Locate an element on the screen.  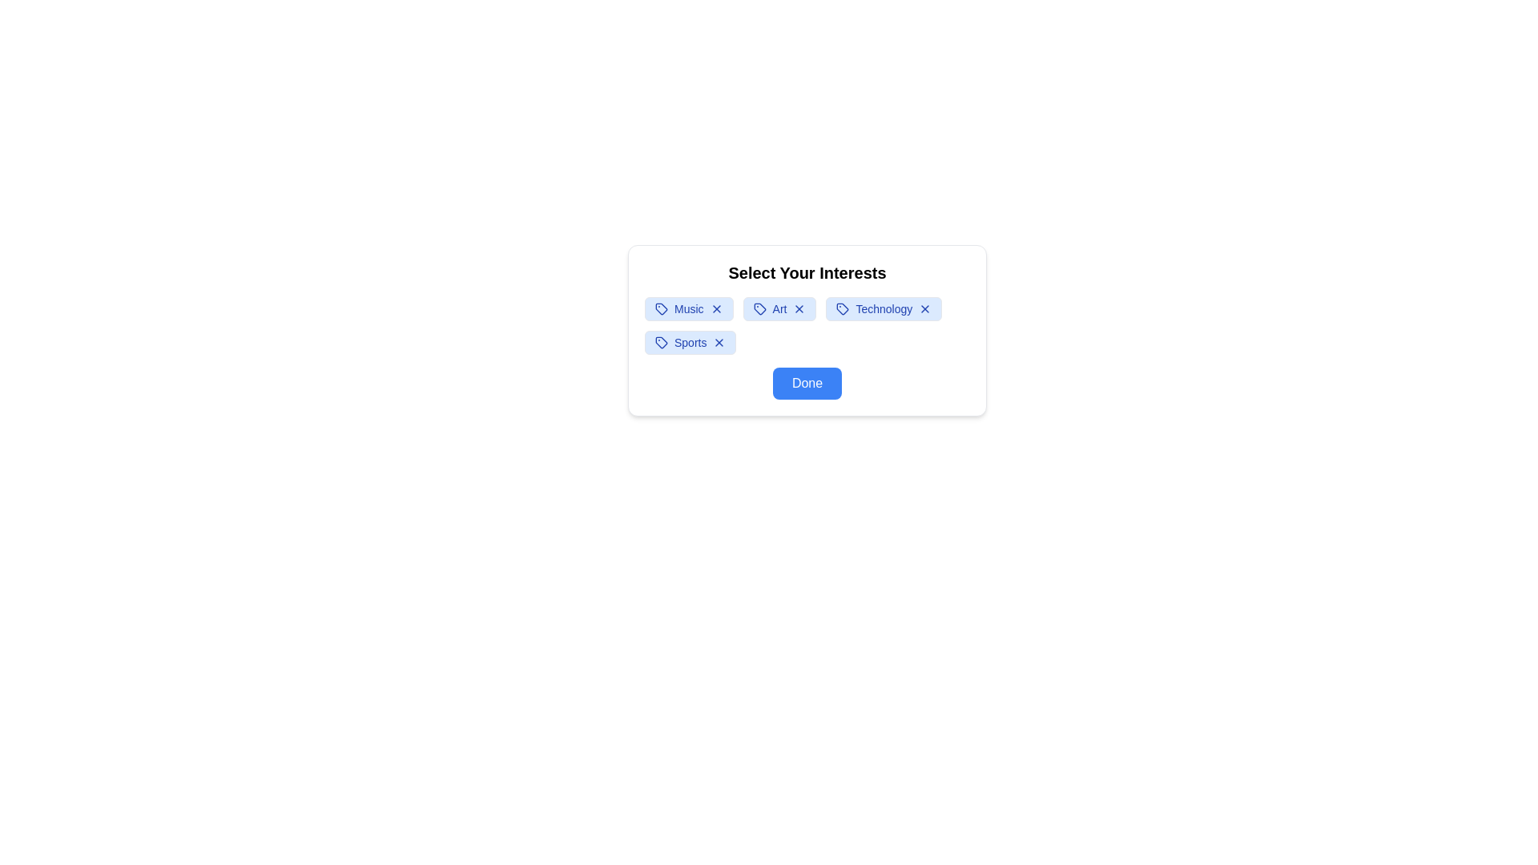
the text within the interest tag labeled 'Technology' to select it is located at coordinates (883, 308).